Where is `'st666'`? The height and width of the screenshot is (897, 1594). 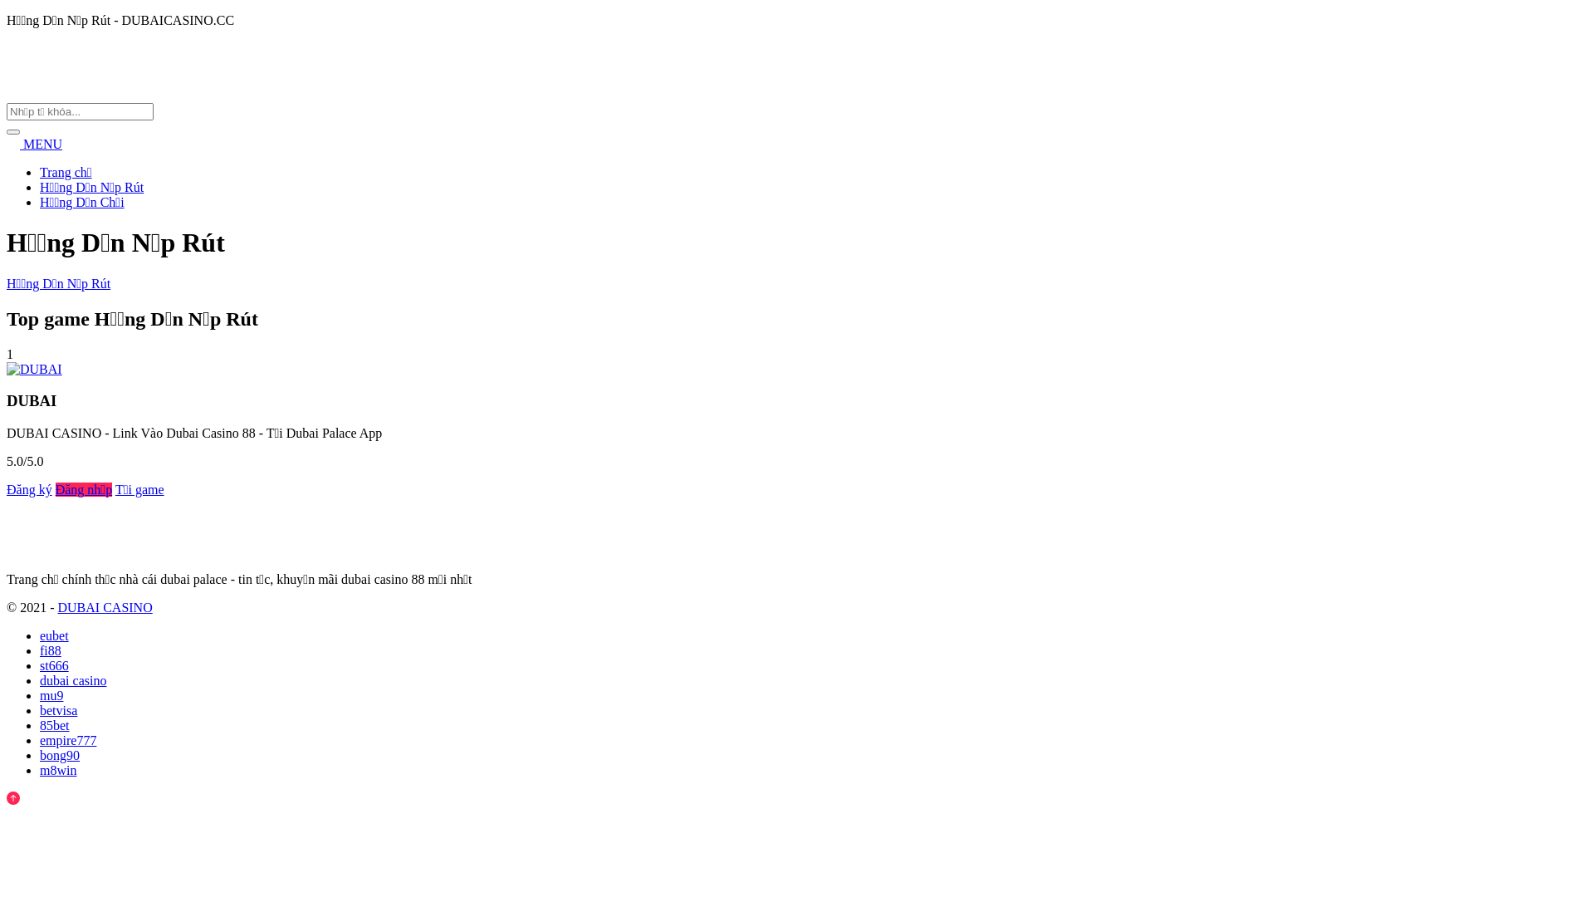 'st666' is located at coordinates (40, 664).